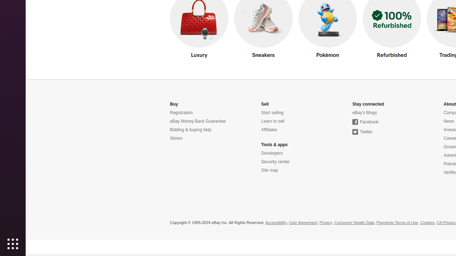 This screenshot has height=256, width=456. Describe the element at coordinates (174, 104) in the screenshot. I see `'Buy'` at that location.